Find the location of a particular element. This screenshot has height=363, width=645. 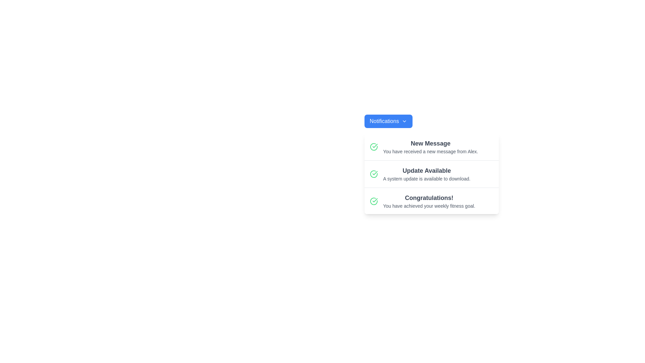

notification details of the first item in the notifications list, which includes a green check icon and the title 'New Message' with additional text 'You have received a new message from Alex.' is located at coordinates (431, 147).